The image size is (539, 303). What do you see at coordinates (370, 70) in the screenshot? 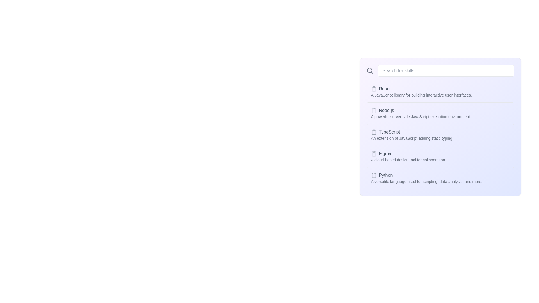
I see `the search icon located to the far left of the horizontal bar containing the text input field labeled 'Search for skills...'` at bounding box center [370, 70].